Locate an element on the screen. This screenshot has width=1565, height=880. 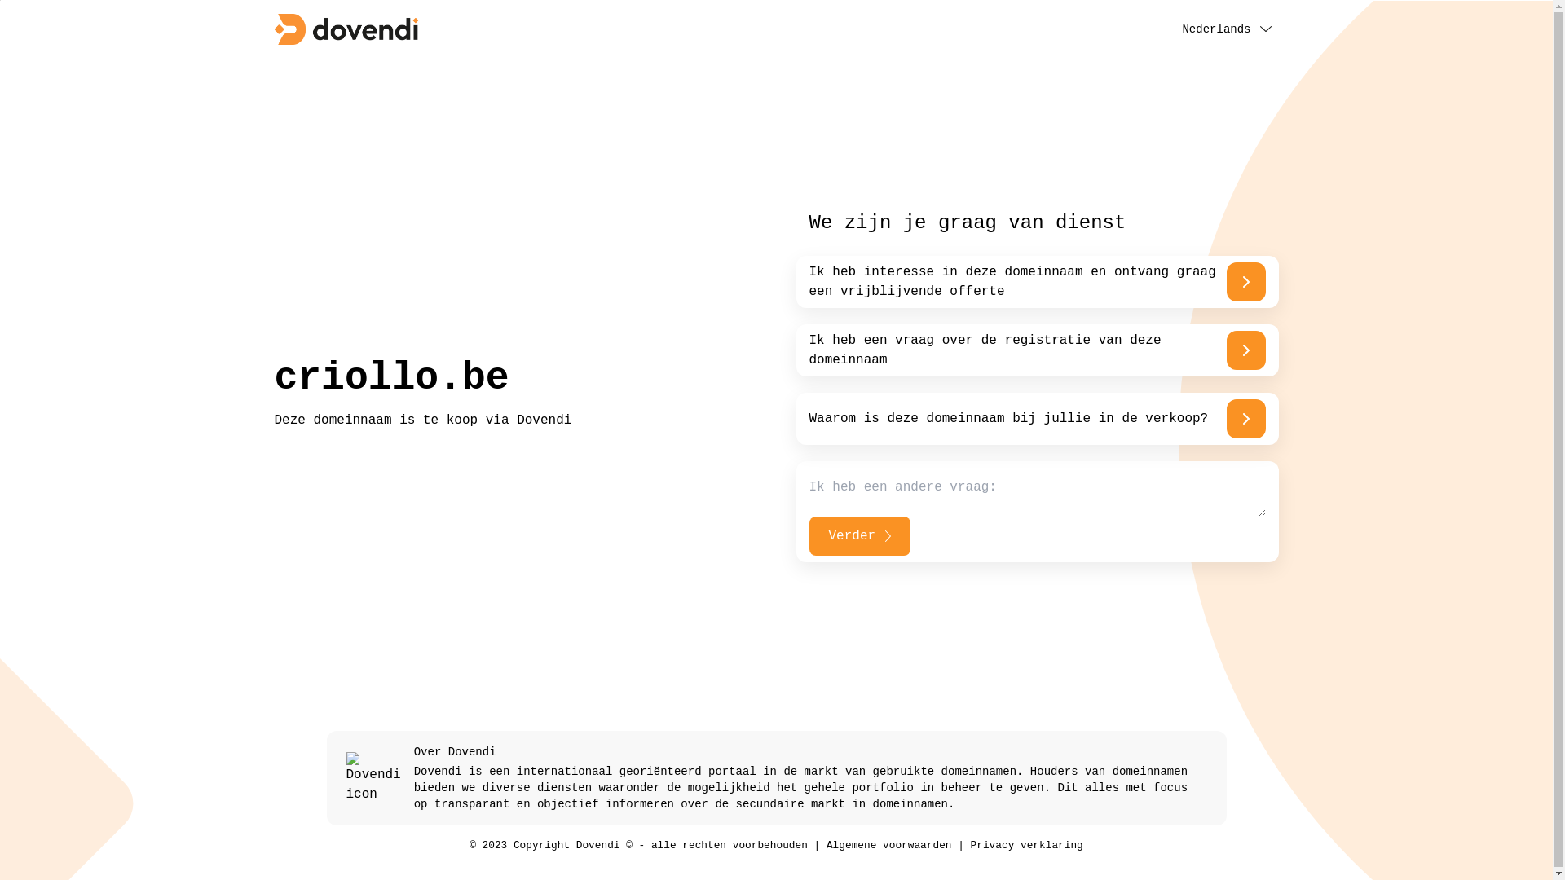
'Algemene voorwaarden' is located at coordinates (888, 844).